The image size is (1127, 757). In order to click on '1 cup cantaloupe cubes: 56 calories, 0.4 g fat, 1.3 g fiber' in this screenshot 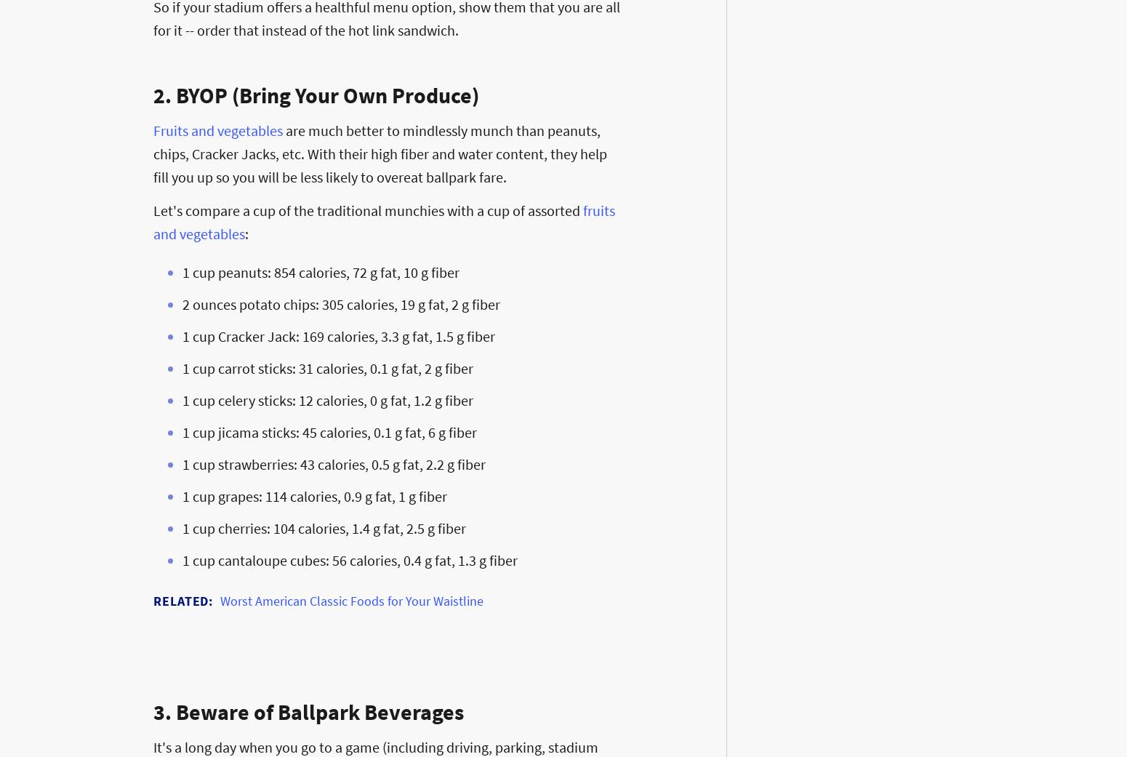, I will do `click(349, 560)`.